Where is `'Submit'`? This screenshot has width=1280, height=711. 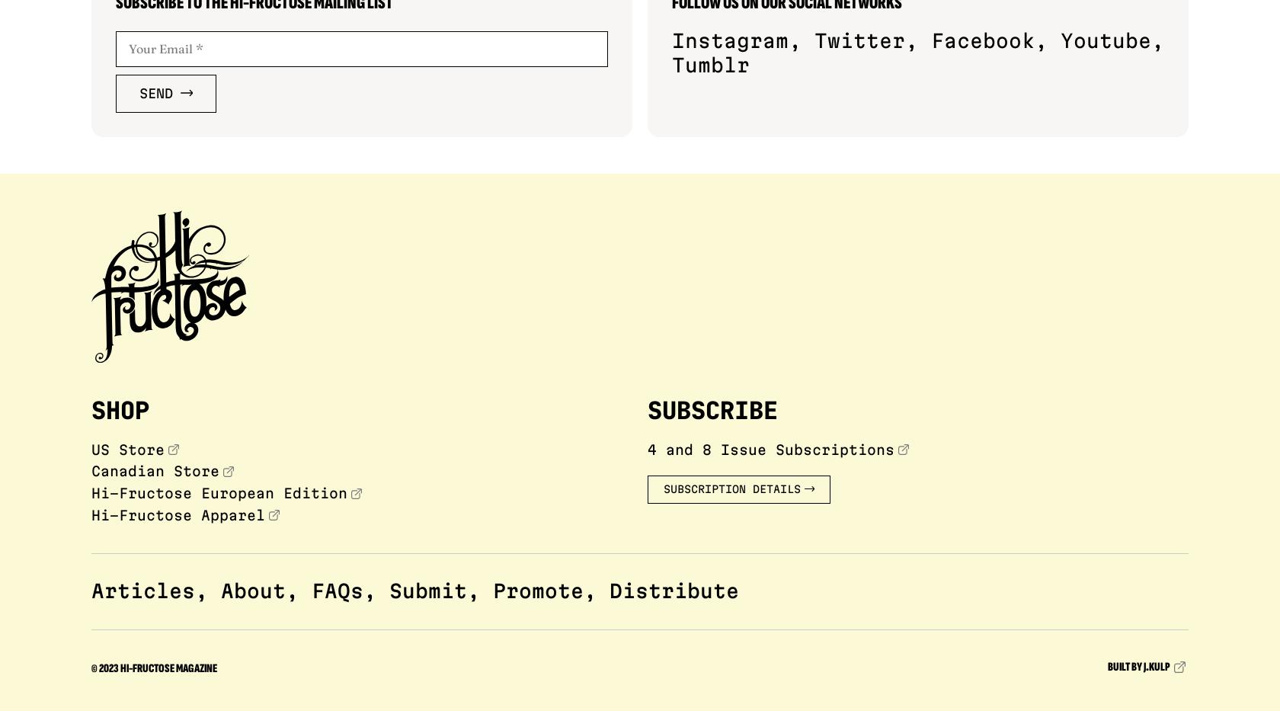 'Submit' is located at coordinates (389, 589).